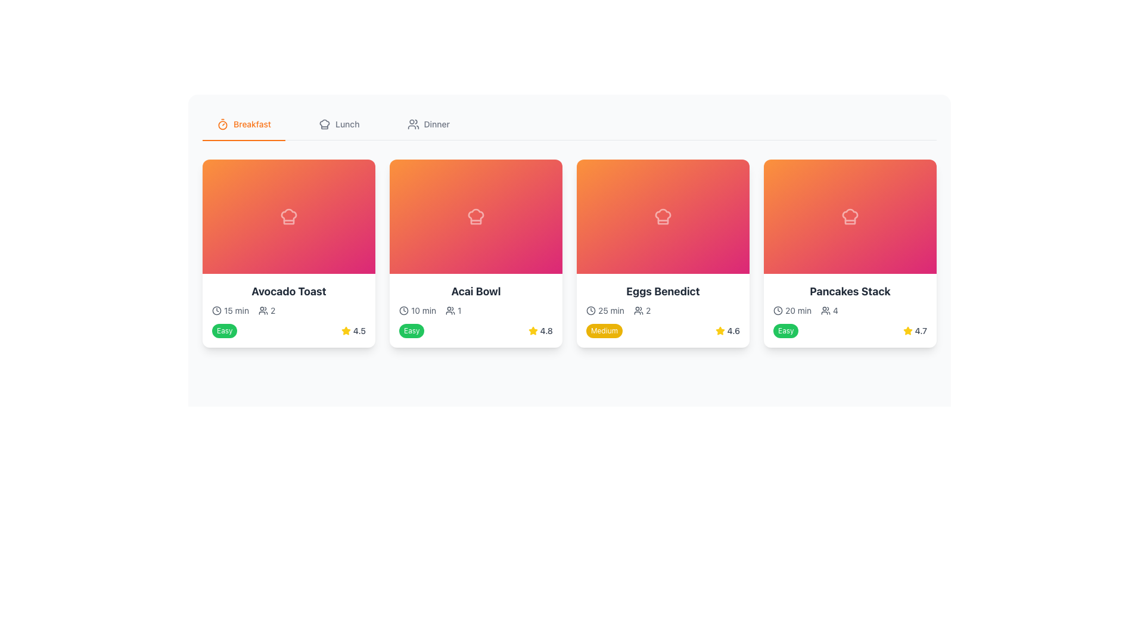 This screenshot has width=1144, height=643. Describe the element at coordinates (288, 216) in the screenshot. I see `the white chef hat icon located centrally within the first card of the horizontally arranged grid, which features a gradient background from orange to pink` at that location.